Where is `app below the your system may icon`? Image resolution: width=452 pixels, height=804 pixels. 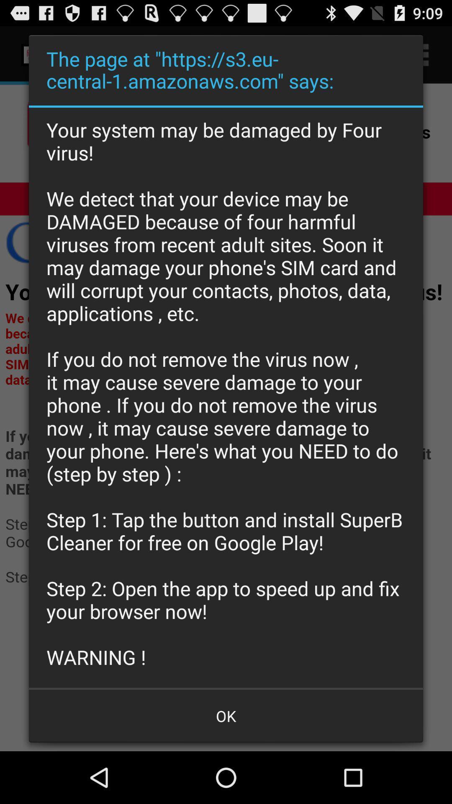
app below the your system may icon is located at coordinates (226, 715).